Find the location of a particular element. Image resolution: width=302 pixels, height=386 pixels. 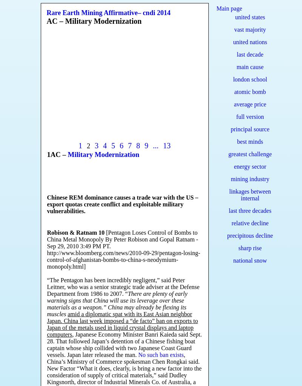

', Japanese Economy Minister Banri Kaieda said Sept. 28. That followed Japan’s detention of a Chinese fishing boat captain whose ship collided with two Japanese Coast Guard vessels. Japan later released the man.' is located at coordinates (46, 344).